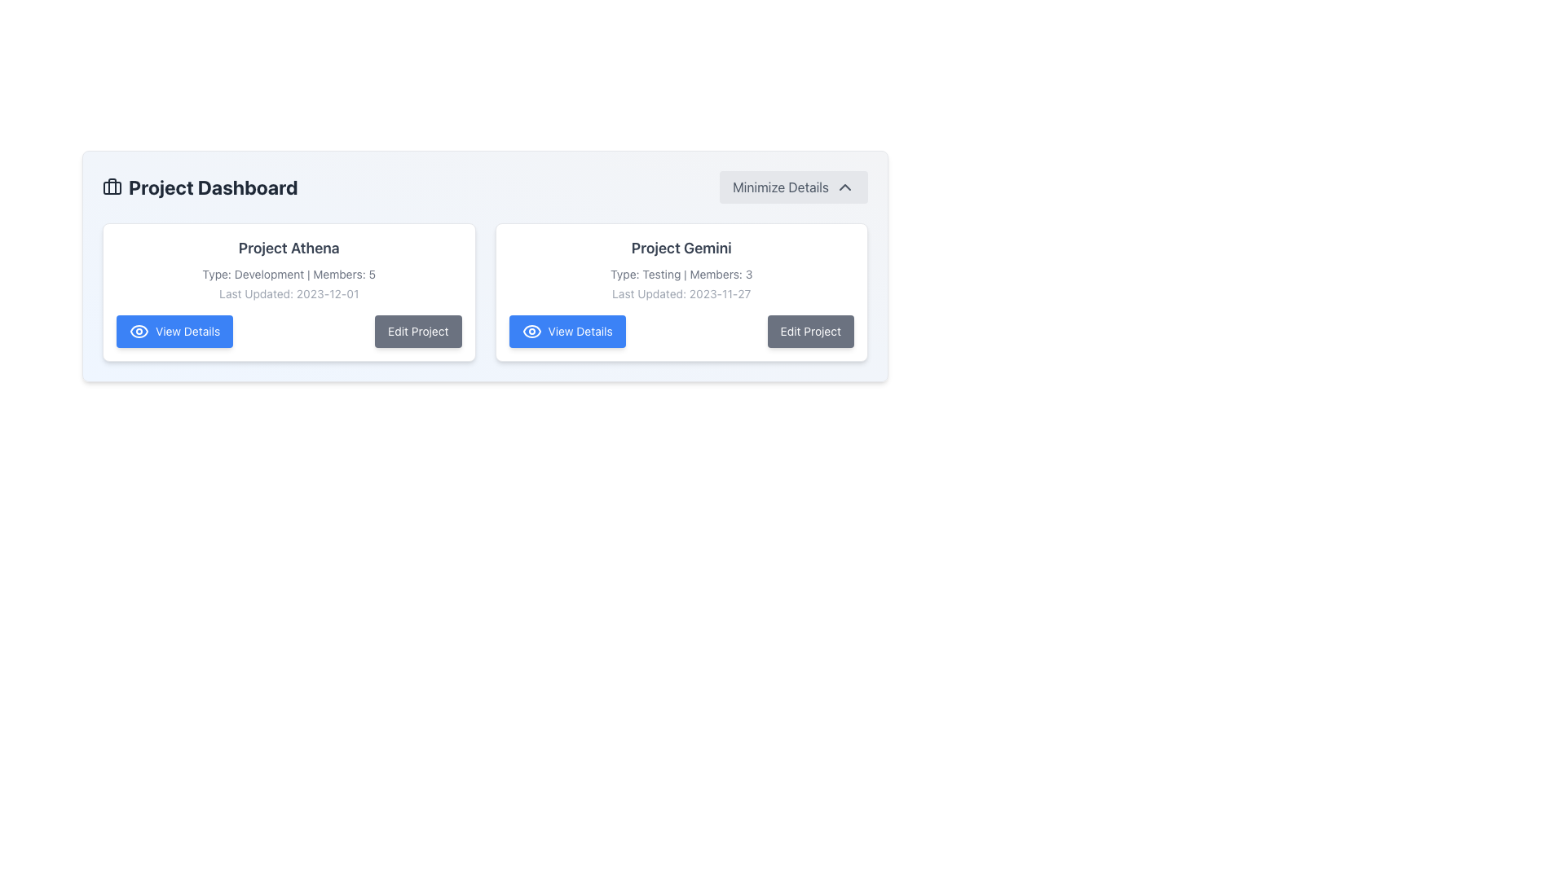  I want to click on the leftmost eye icon of the 'View Details' button for the first project entry titled 'Project Athena' for accessibility purposes, so click(139, 331).